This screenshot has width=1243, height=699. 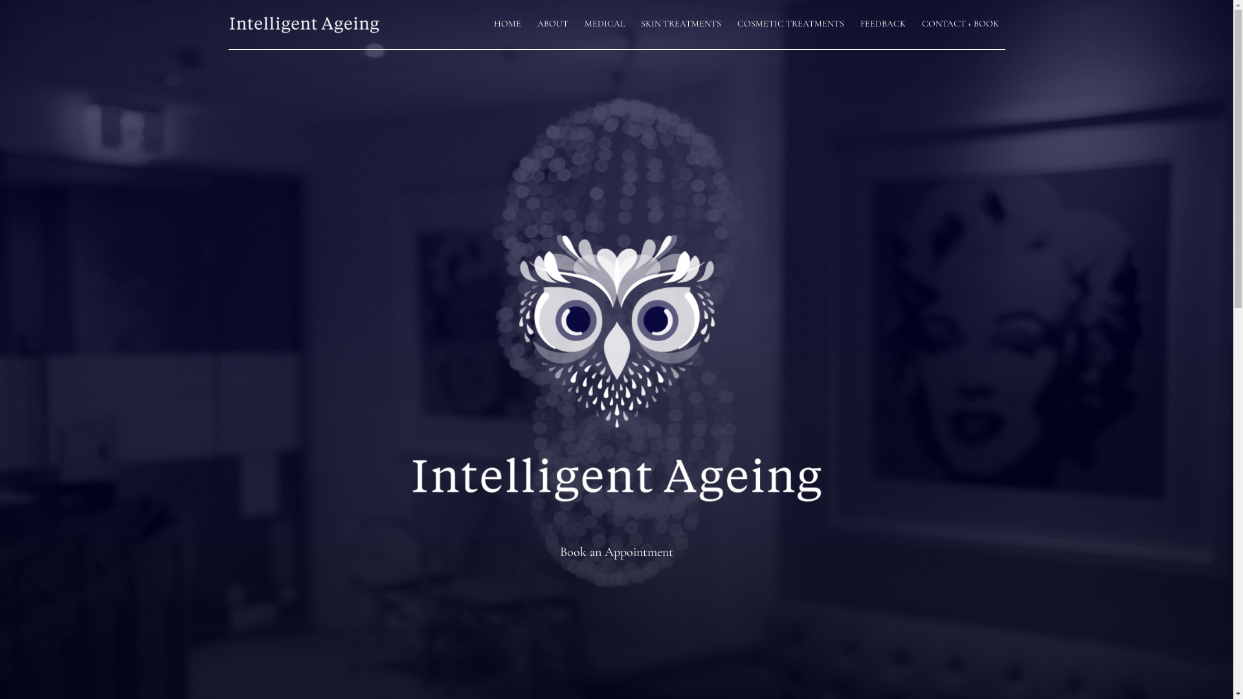 I want to click on 'COSMETIC TREATMENTS', so click(x=789, y=25).